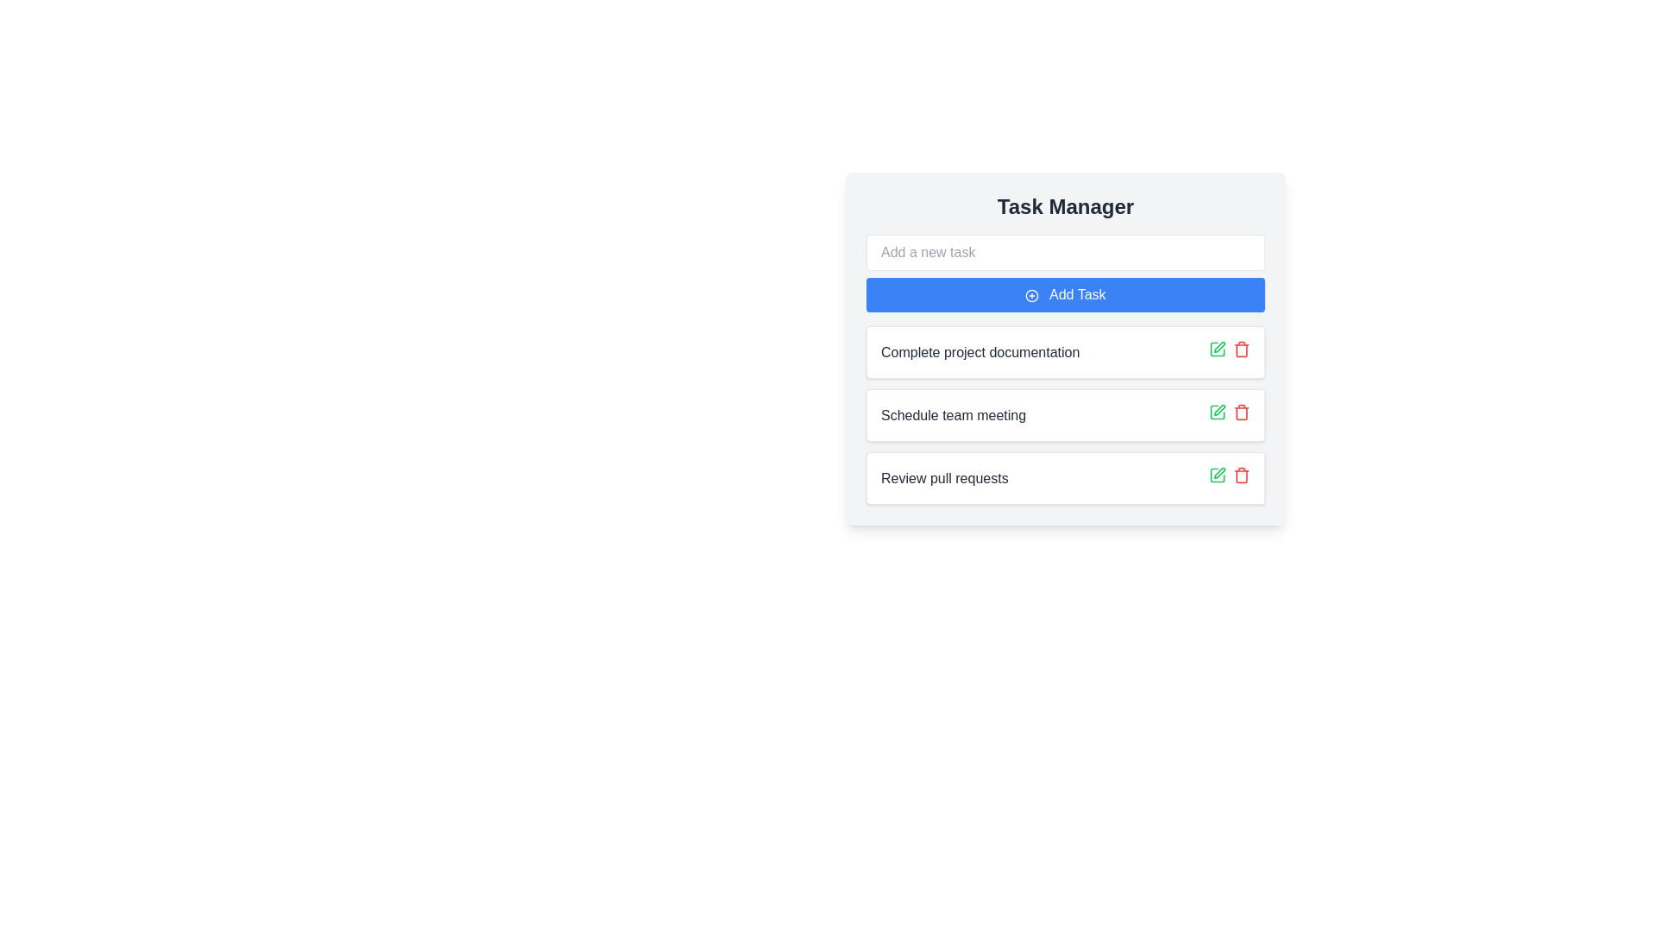 Image resolution: width=1657 pixels, height=932 pixels. I want to click on the edit icon button located near the right side of the 'Review pull requests' task entry, so click(1219, 473).